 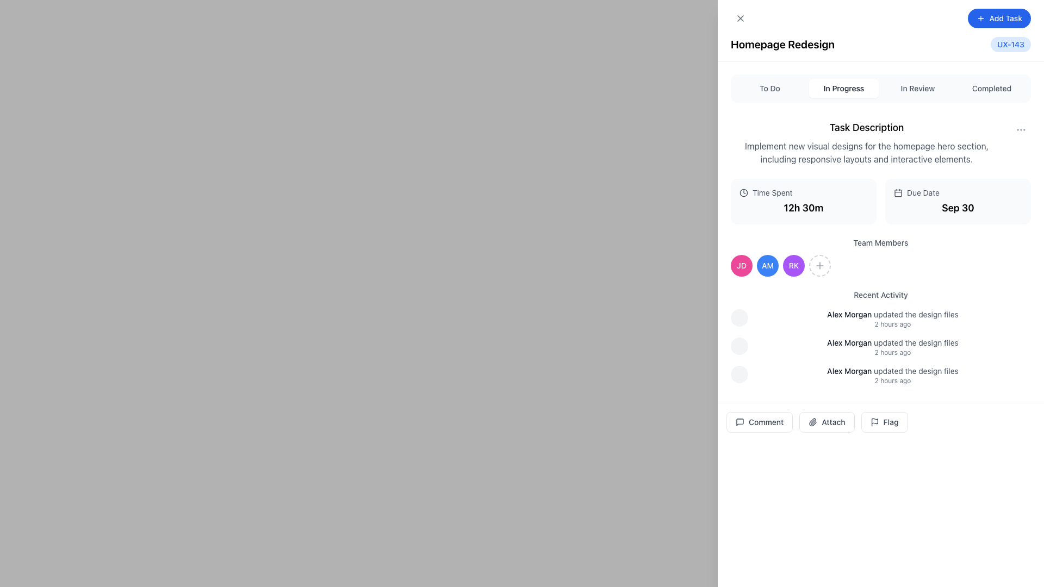 I want to click on first notification item in the 'Recent Activity' section, which provides updates related to the task, so click(x=892, y=318).